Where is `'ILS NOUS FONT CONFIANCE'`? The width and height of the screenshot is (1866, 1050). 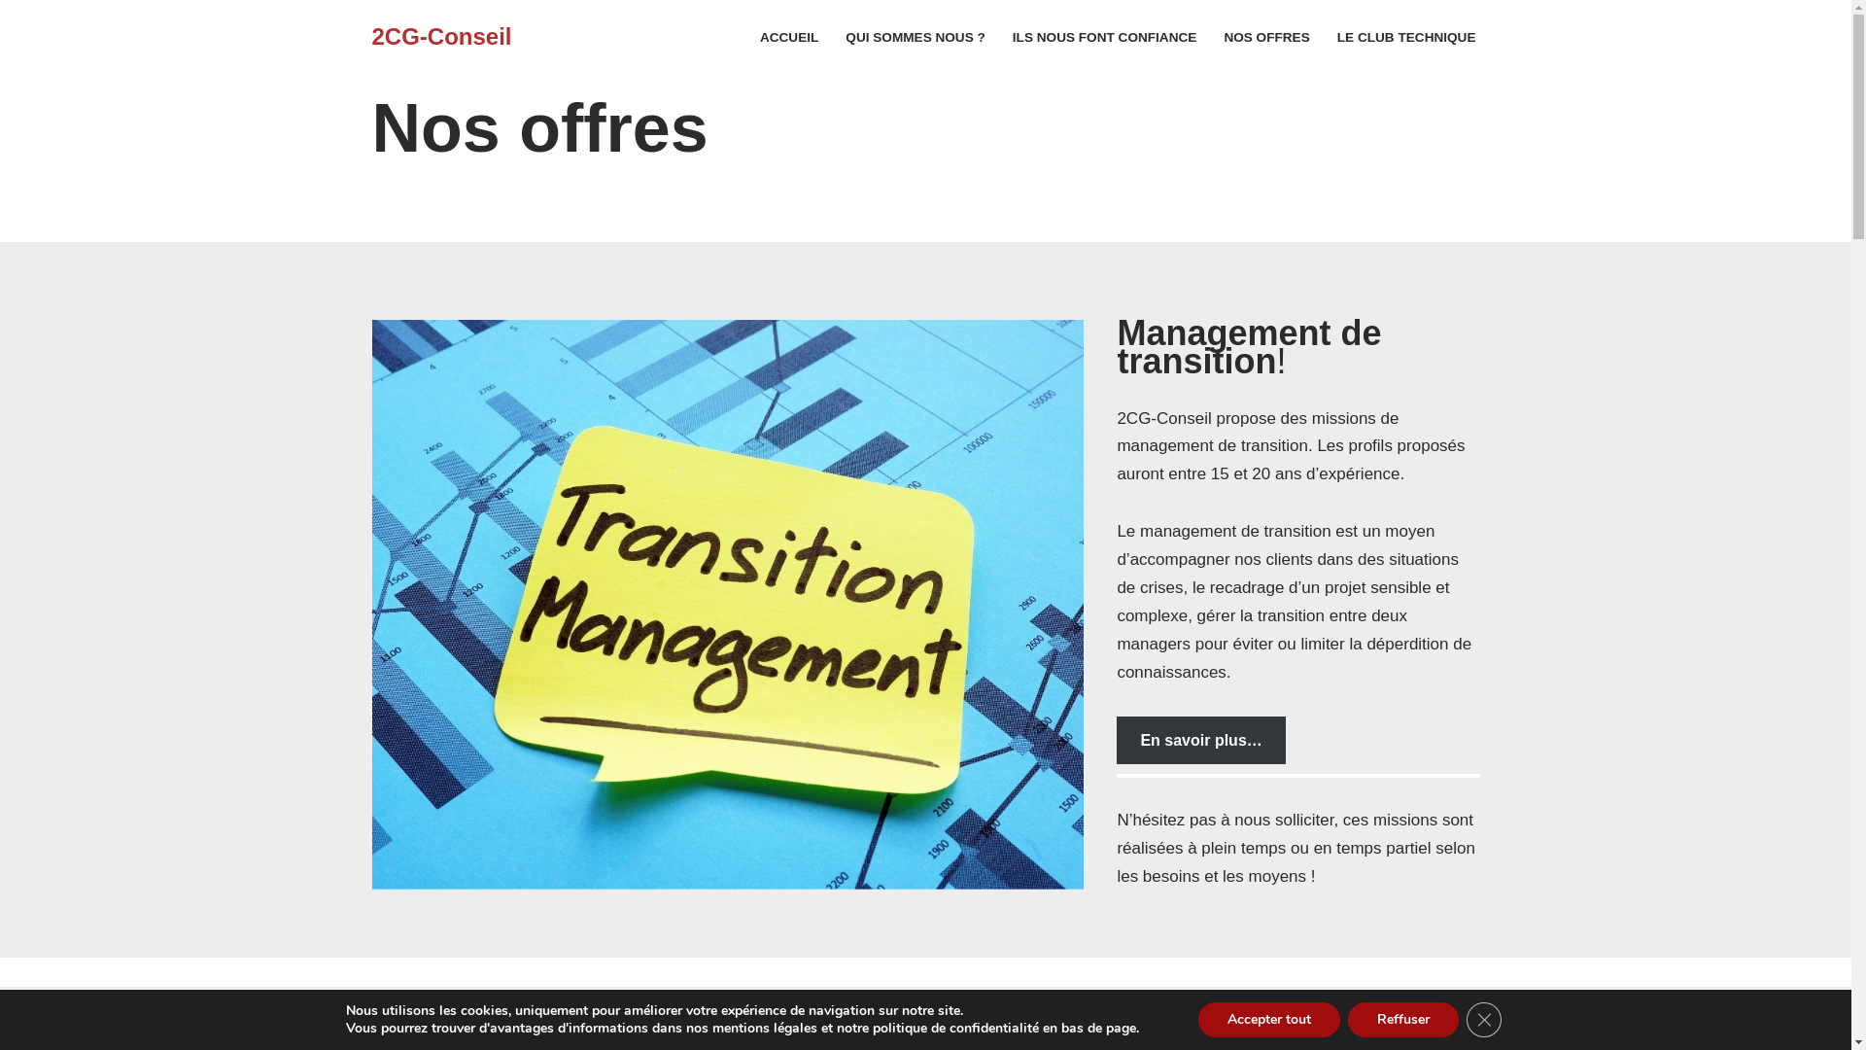 'ILS NOUS FONT CONFIANCE' is located at coordinates (1105, 37).